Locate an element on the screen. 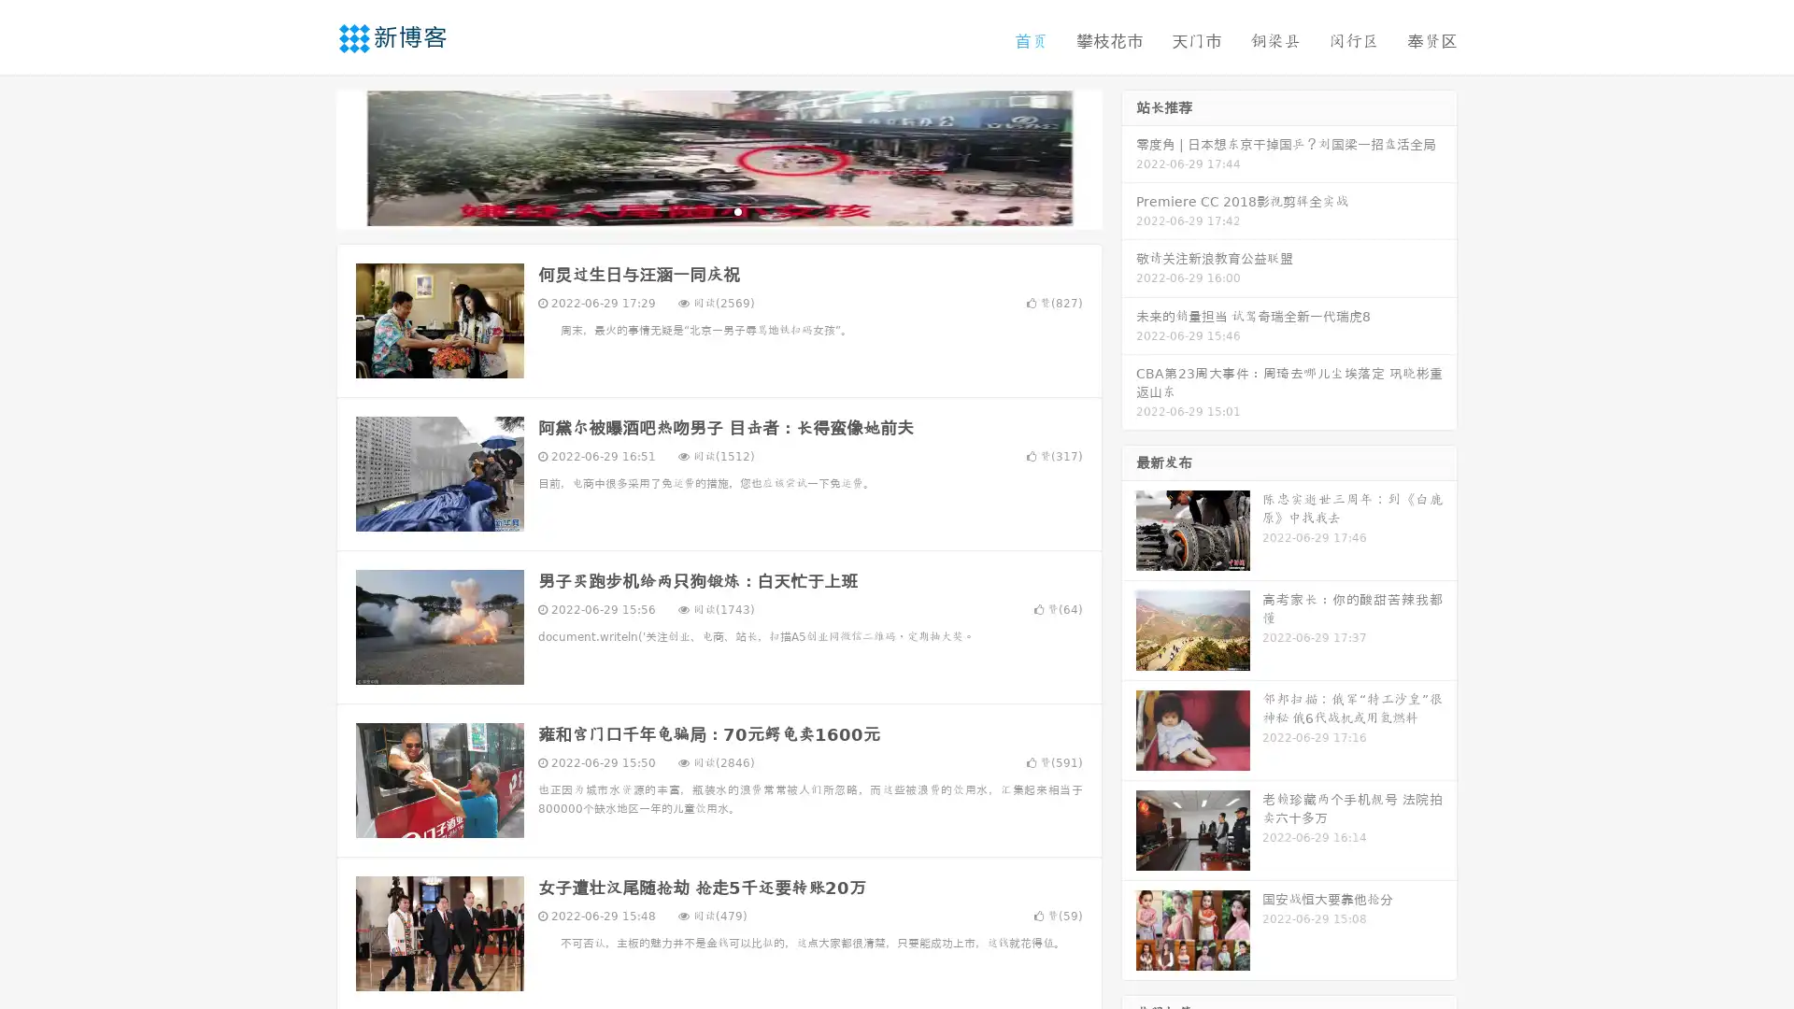 The width and height of the screenshot is (1794, 1009). Previous slide is located at coordinates (308, 157).